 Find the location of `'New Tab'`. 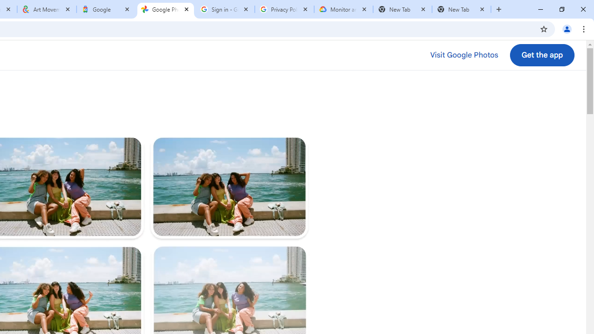

'New Tab' is located at coordinates (461, 9).